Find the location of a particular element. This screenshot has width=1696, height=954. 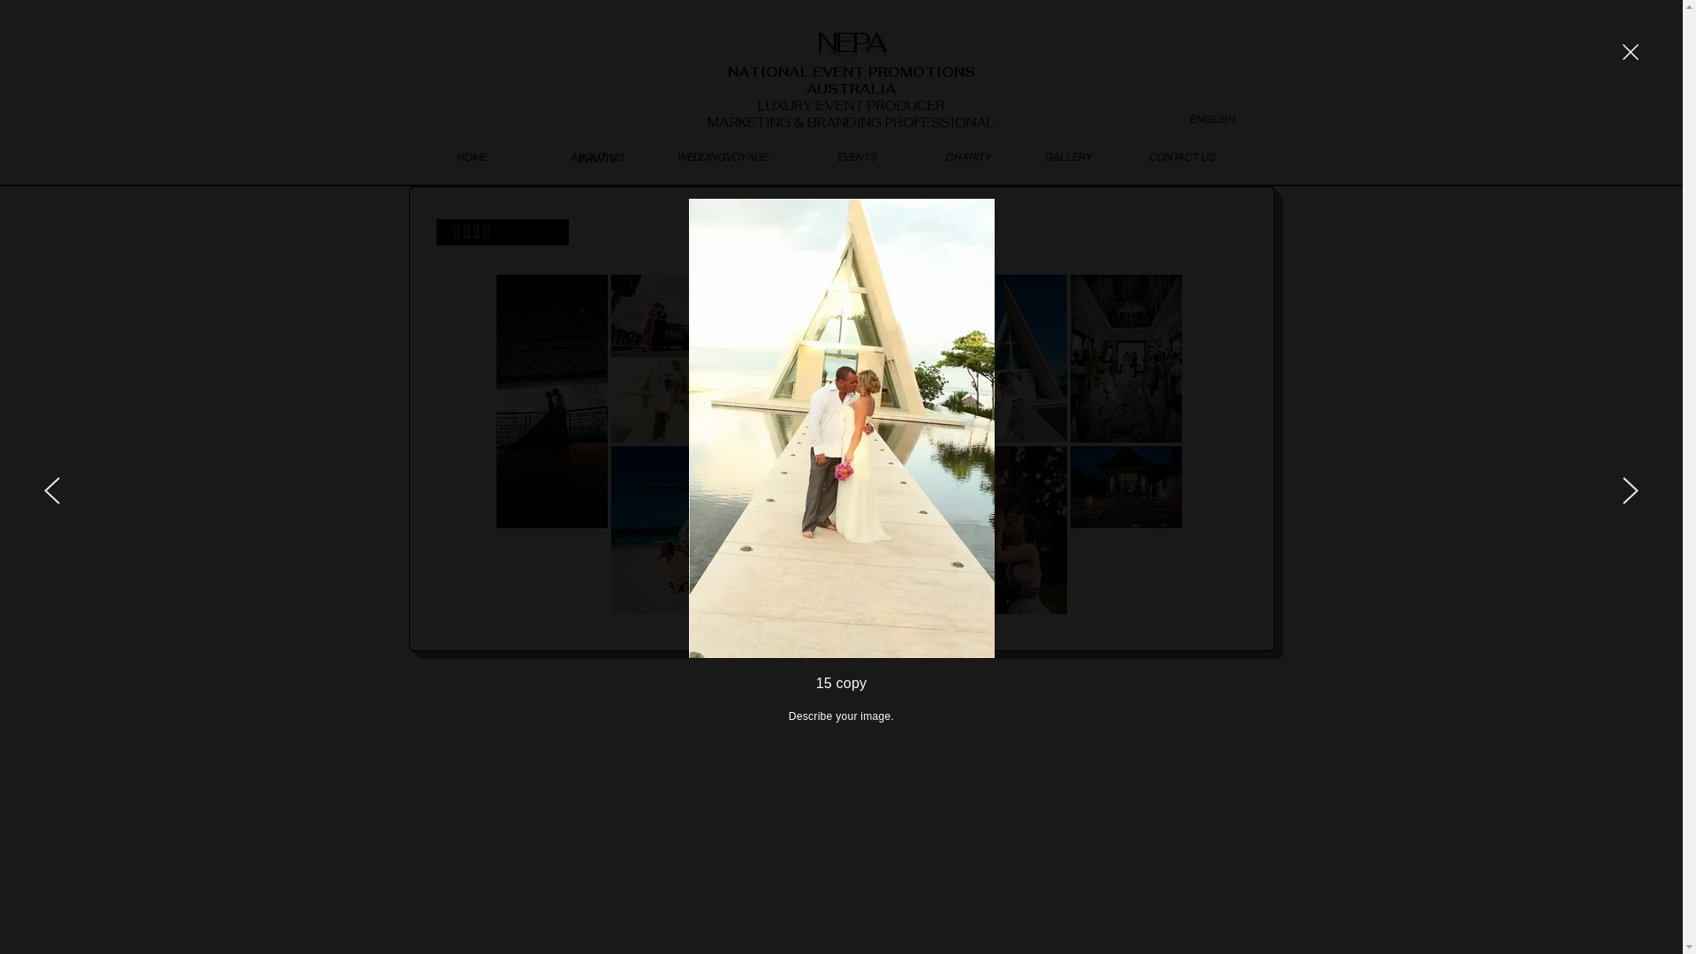

'HOME' is located at coordinates (470, 155).